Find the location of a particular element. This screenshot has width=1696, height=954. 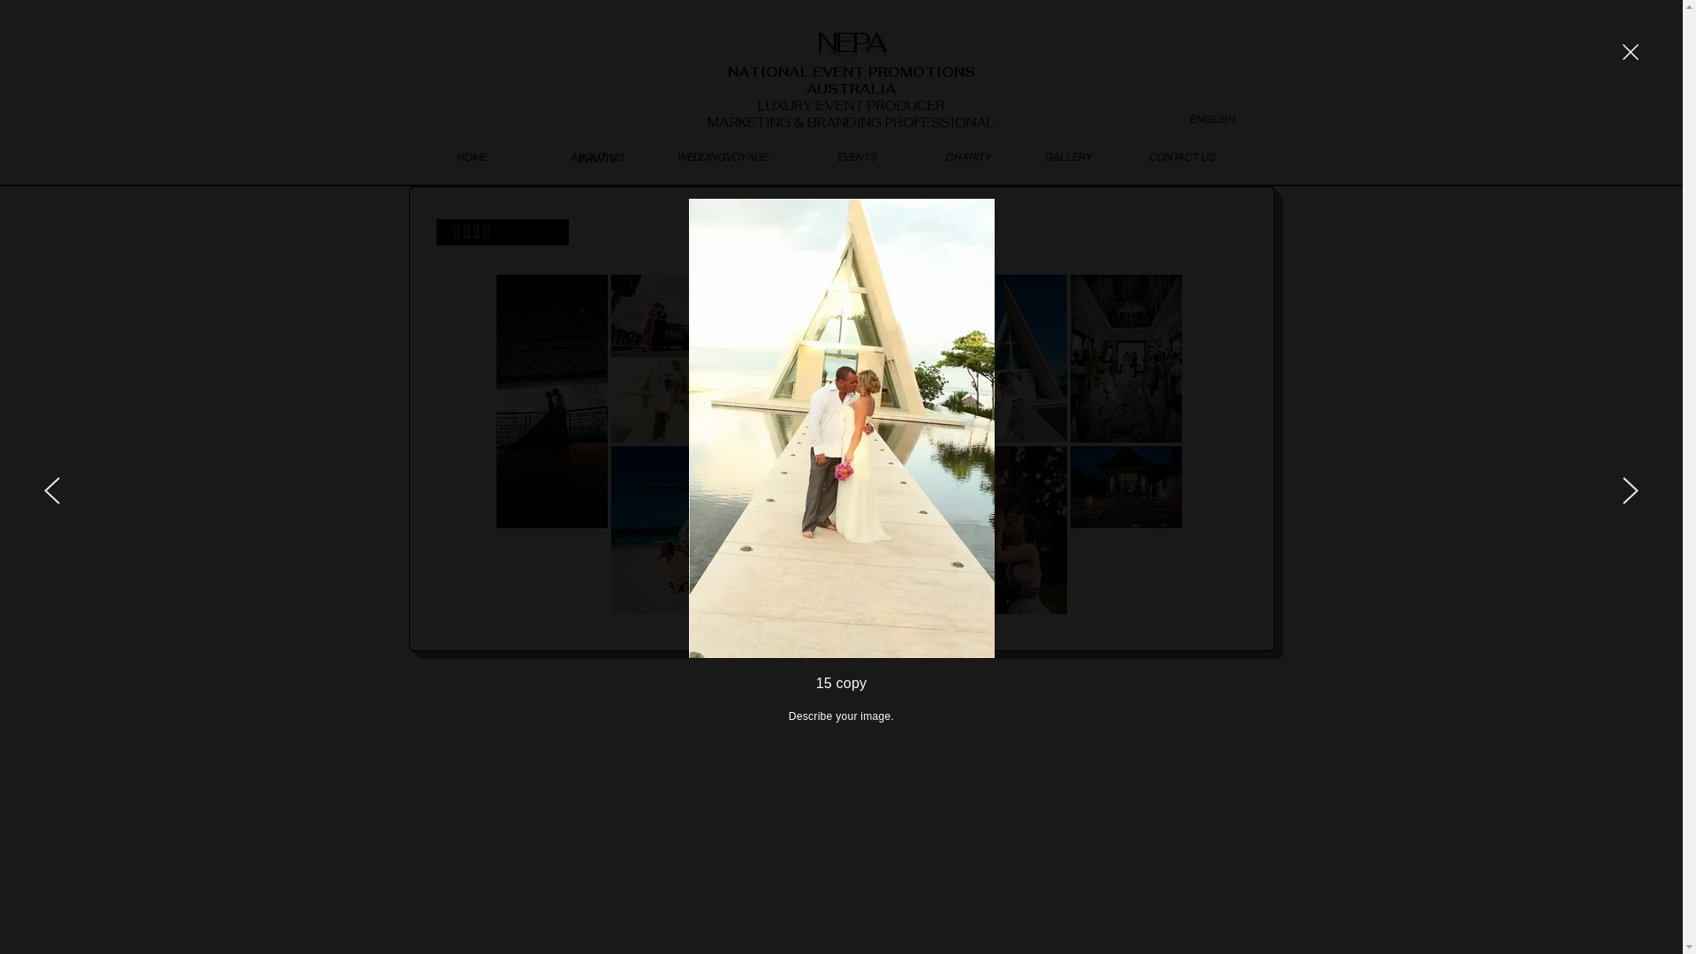

'HOME' is located at coordinates (470, 155).